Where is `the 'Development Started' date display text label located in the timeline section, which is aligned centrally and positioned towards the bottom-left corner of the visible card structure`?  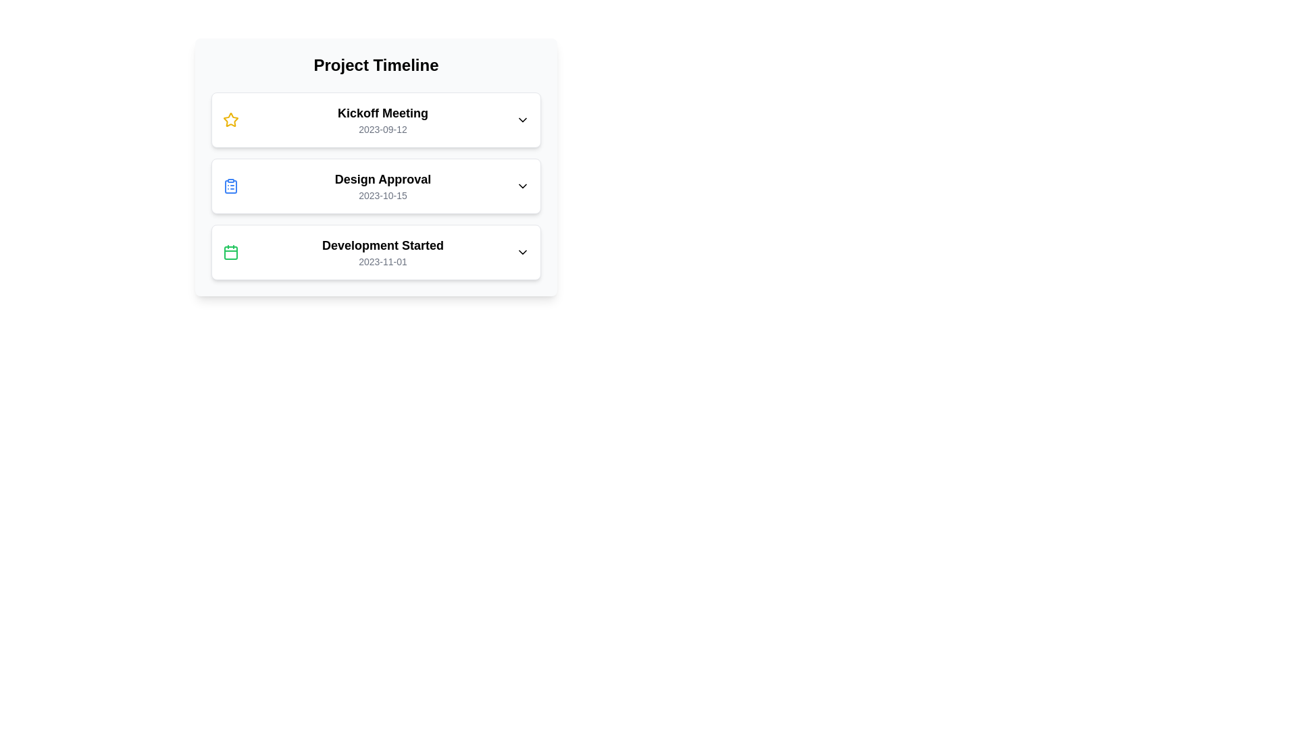
the 'Development Started' date display text label located in the timeline section, which is aligned centrally and positioned towards the bottom-left corner of the visible card structure is located at coordinates (382, 262).